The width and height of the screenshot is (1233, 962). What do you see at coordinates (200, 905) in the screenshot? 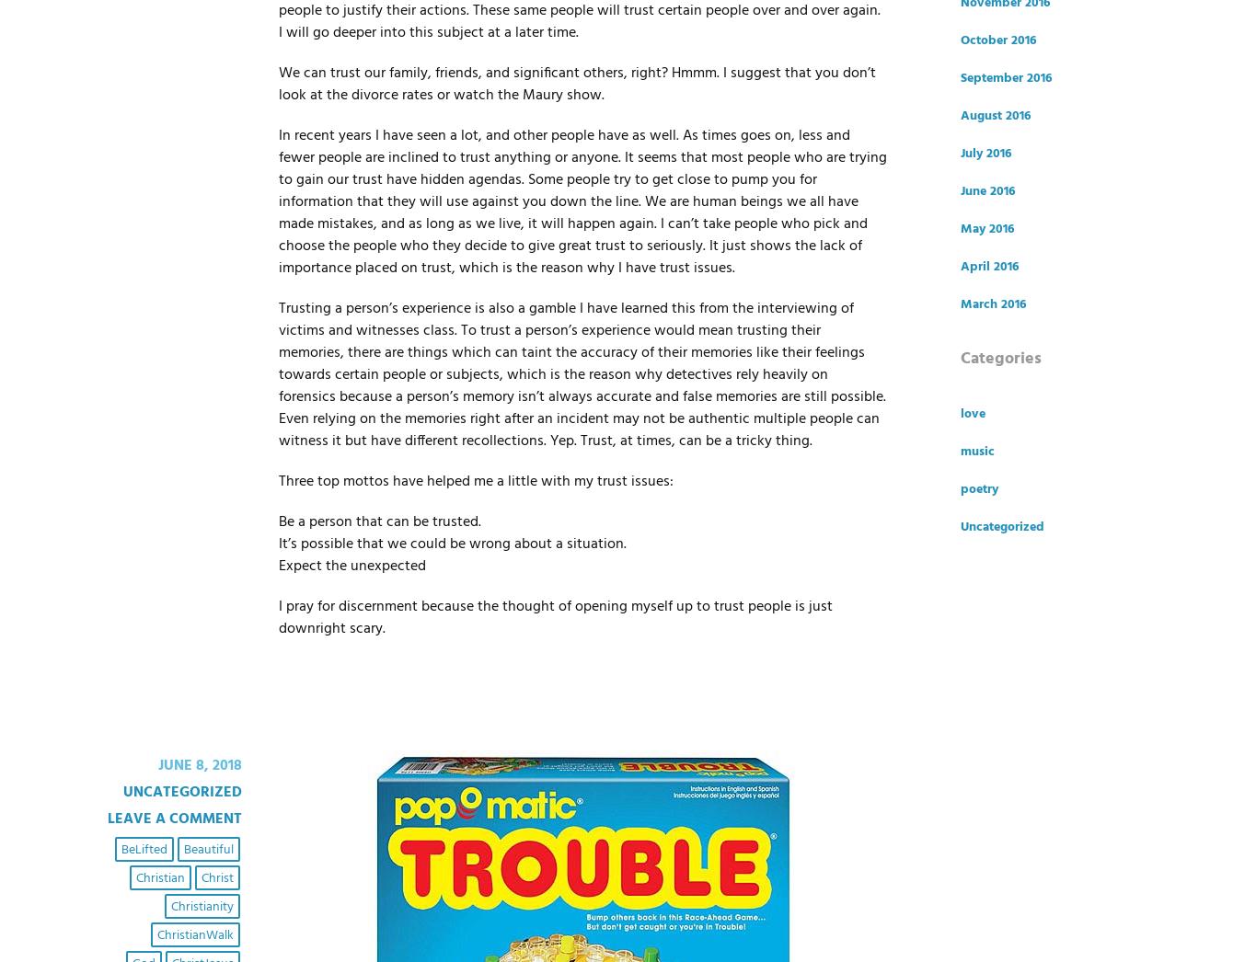
I see `'Christianity'` at bounding box center [200, 905].